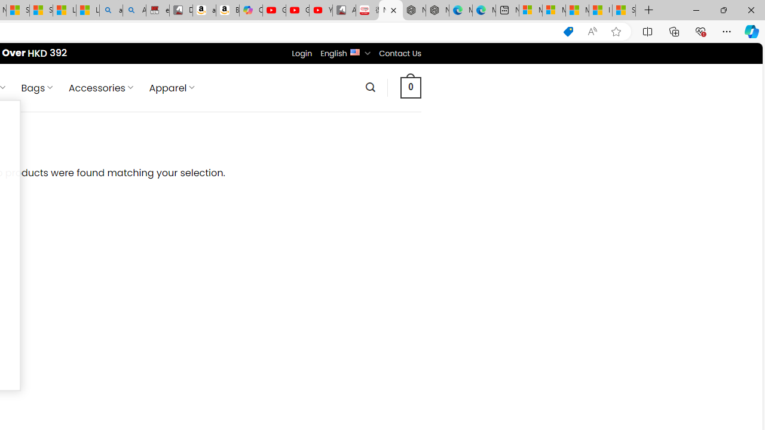 This screenshot has height=430, width=765. I want to click on 'New Tab', so click(648, 10).